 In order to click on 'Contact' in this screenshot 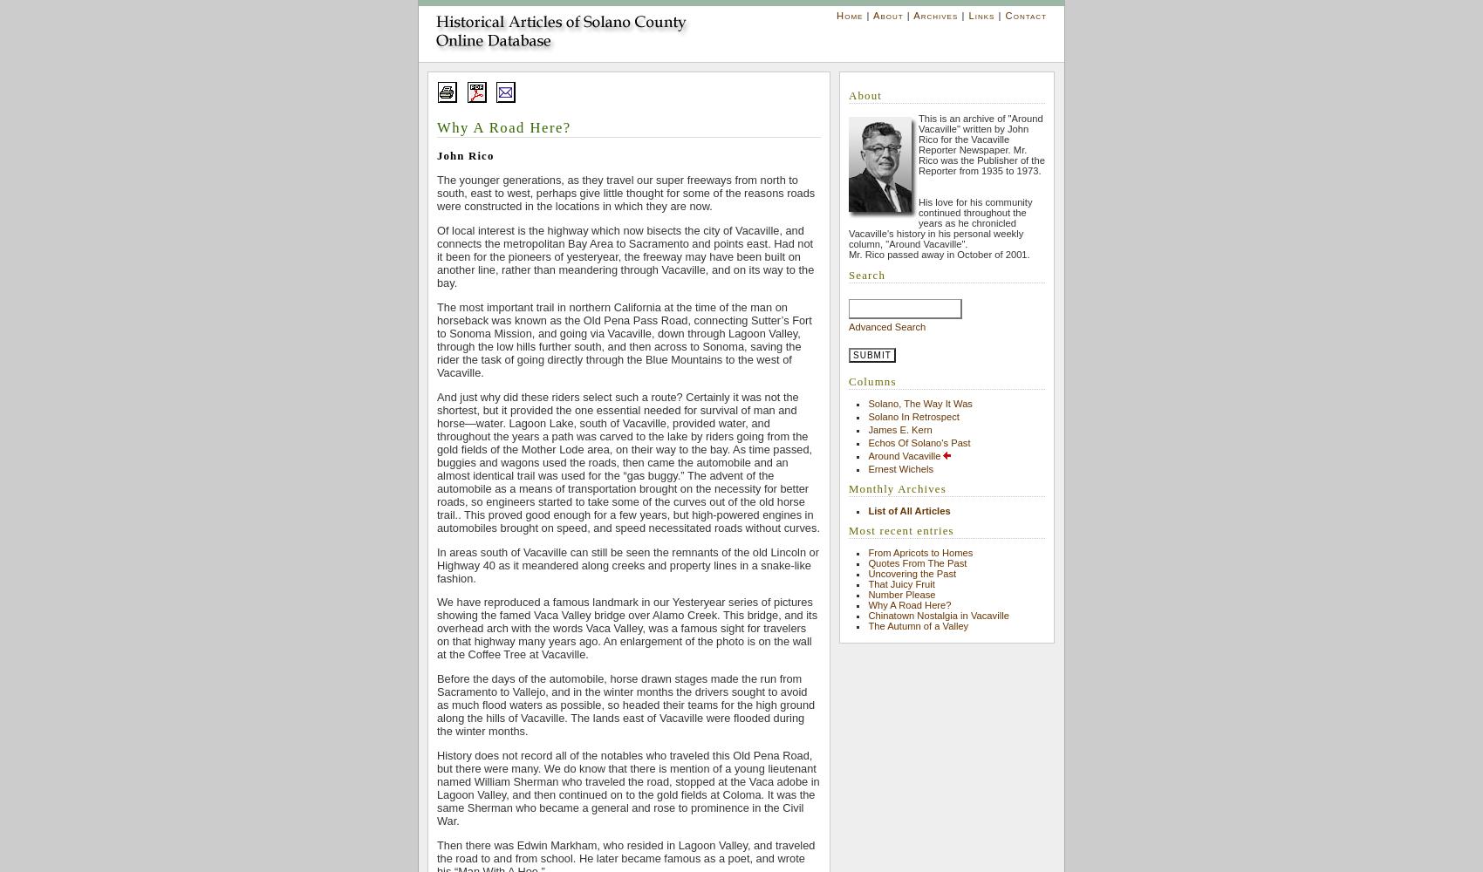, I will do `click(1004, 16)`.